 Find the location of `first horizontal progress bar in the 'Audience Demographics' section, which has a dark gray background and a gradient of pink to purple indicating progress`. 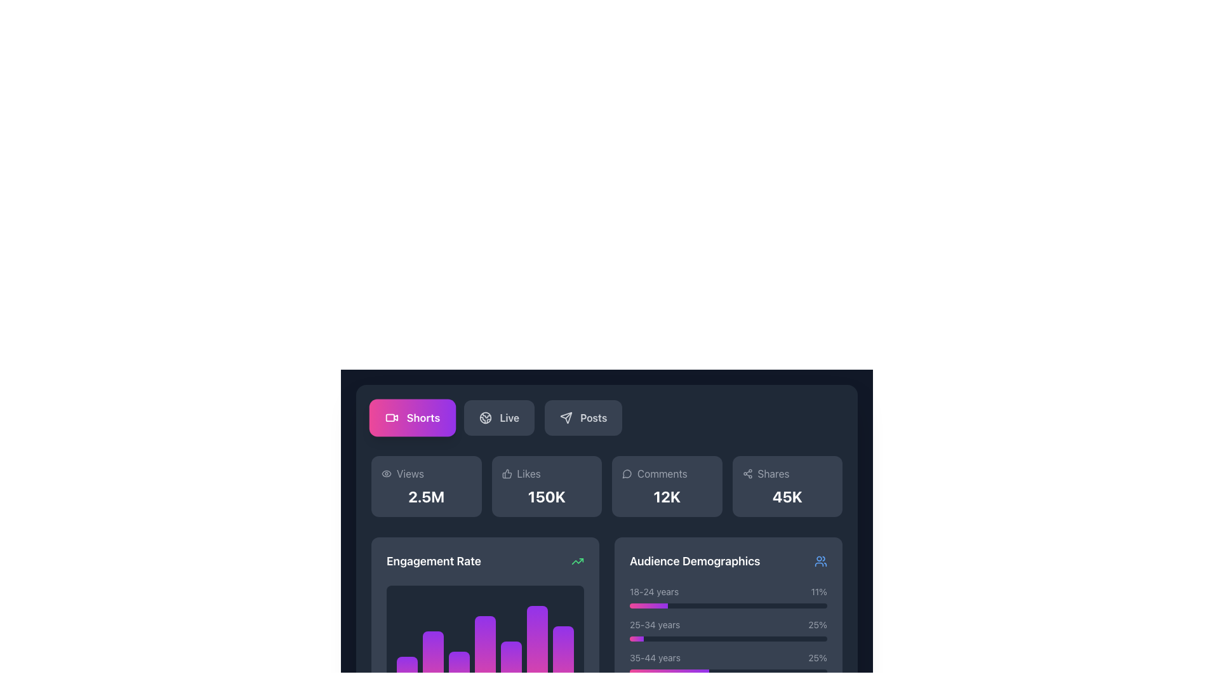

first horizontal progress bar in the 'Audience Demographics' section, which has a dark gray background and a gradient of pink to purple indicating progress is located at coordinates (728, 605).